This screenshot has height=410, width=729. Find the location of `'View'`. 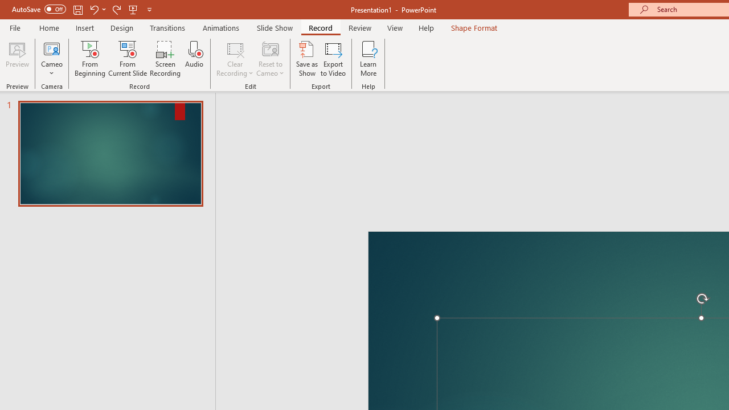

'View' is located at coordinates (395, 27).